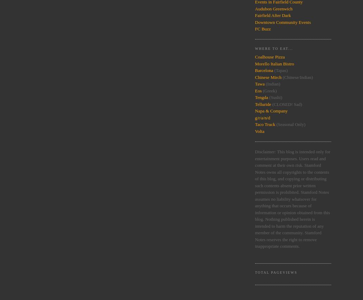  I want to click on 'Total Pageviews', so click(276, 272).